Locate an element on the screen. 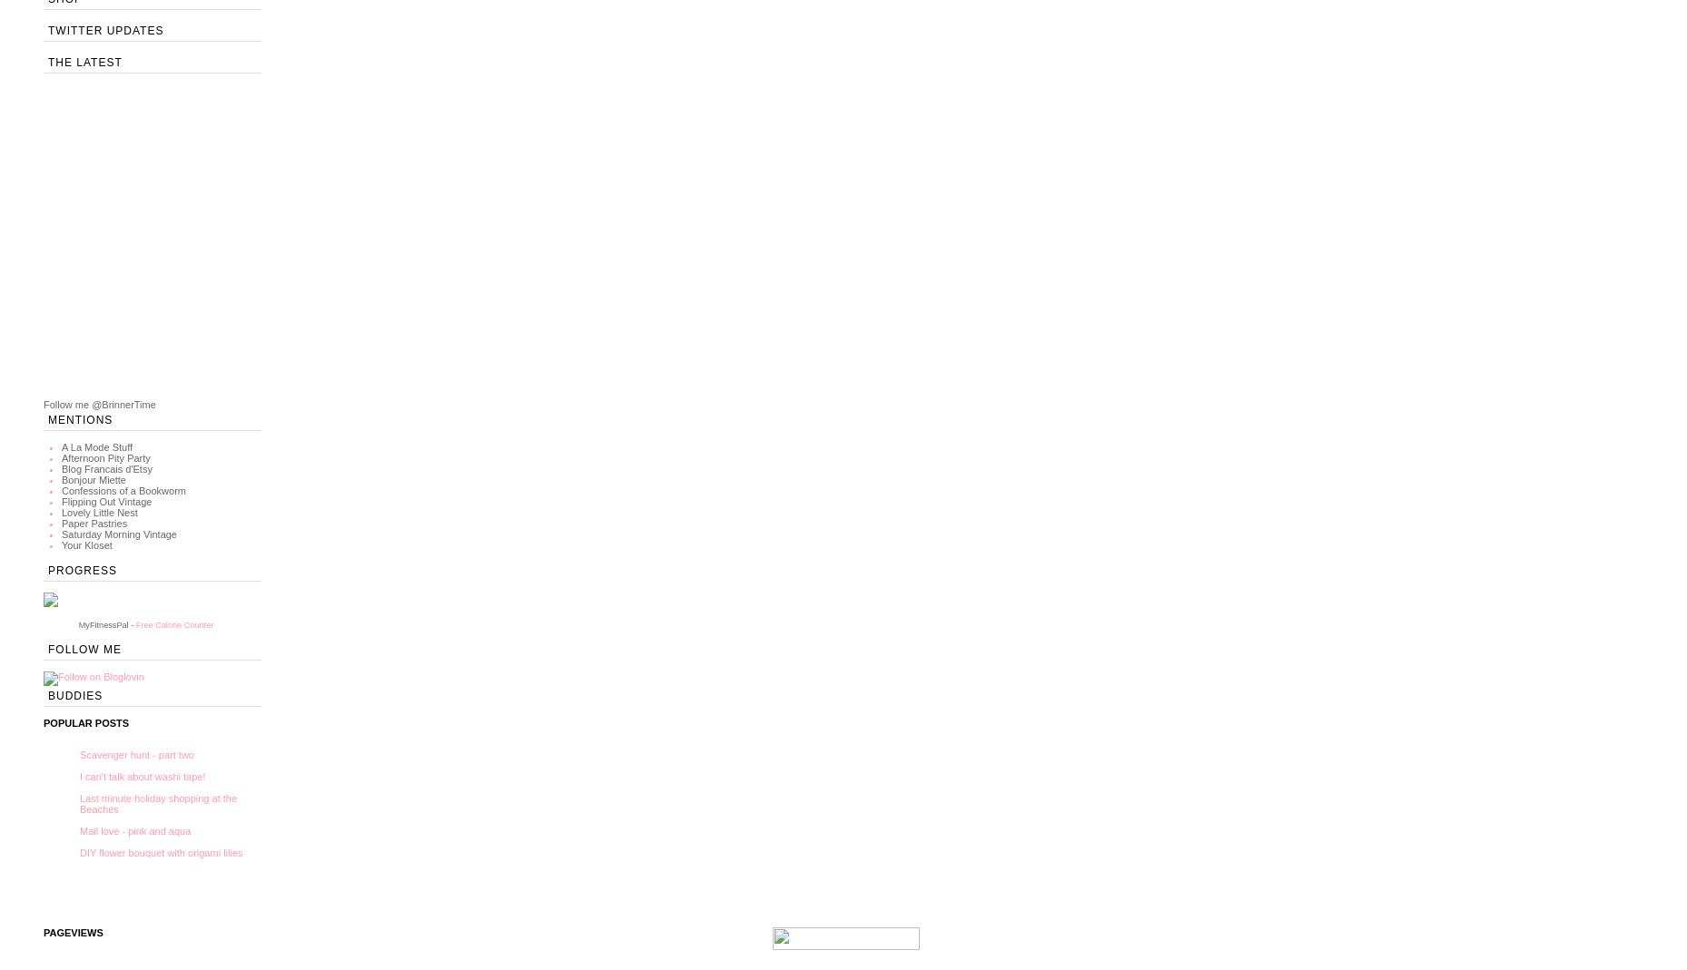  'Buddies' is located at coordinates (74, 696).